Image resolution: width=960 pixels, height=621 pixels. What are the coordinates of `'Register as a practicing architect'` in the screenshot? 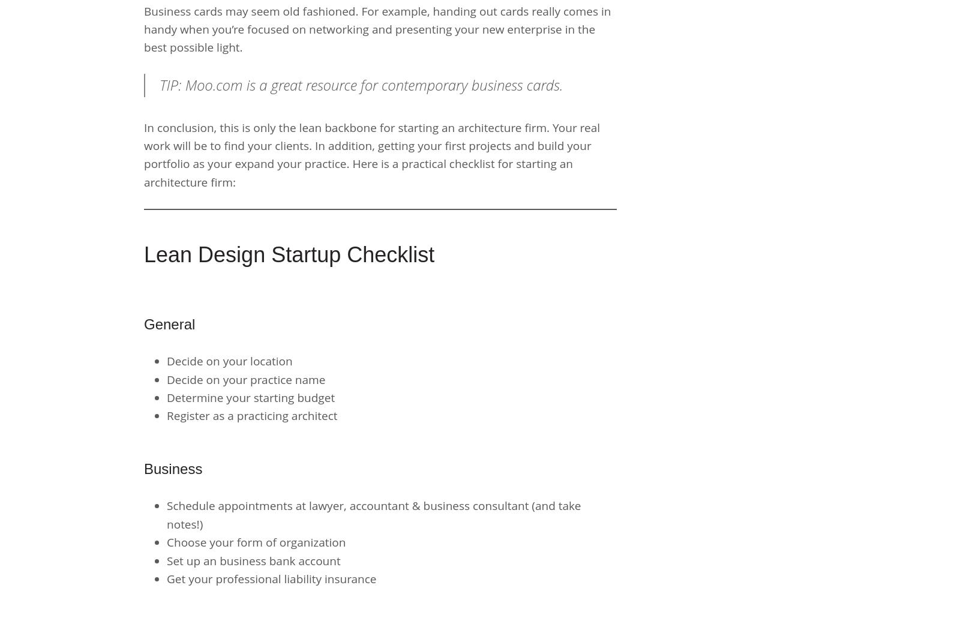 It's located at (251, 415).